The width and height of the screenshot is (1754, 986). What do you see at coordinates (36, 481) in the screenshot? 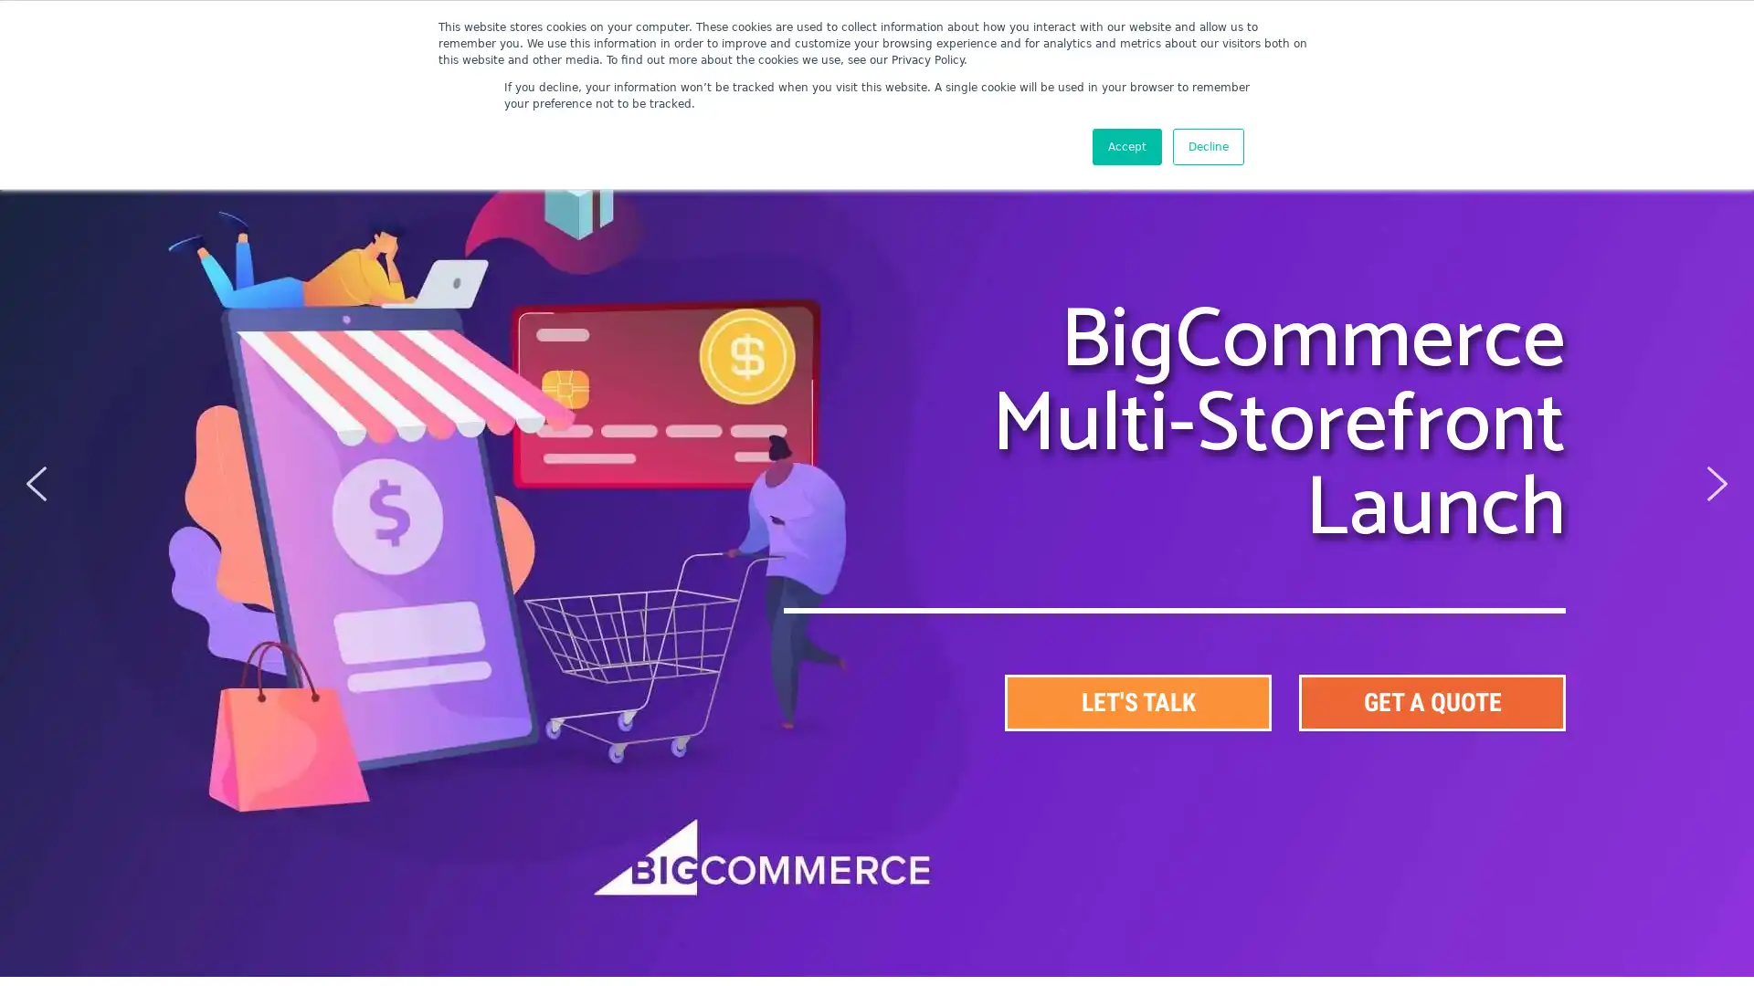
I see `previous arrow` at bounding box center [36, 481].